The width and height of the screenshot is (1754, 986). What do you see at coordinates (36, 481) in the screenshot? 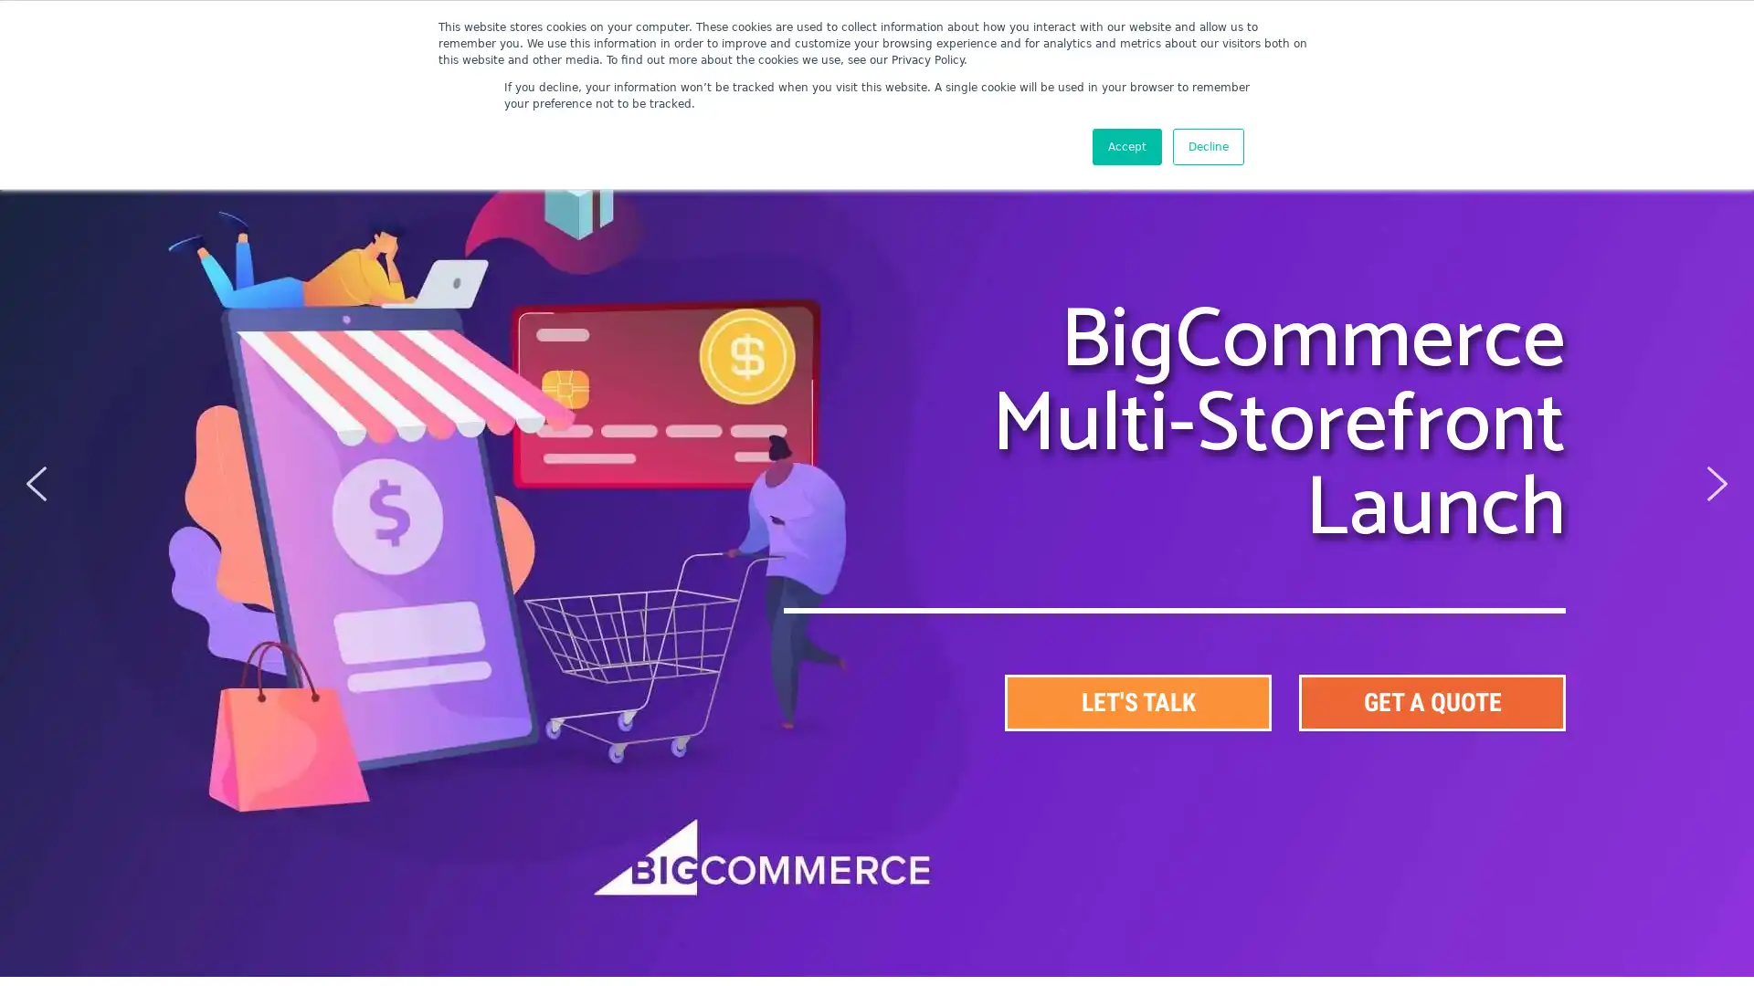
I see `previous arrow` at bounding box center [36, 481].